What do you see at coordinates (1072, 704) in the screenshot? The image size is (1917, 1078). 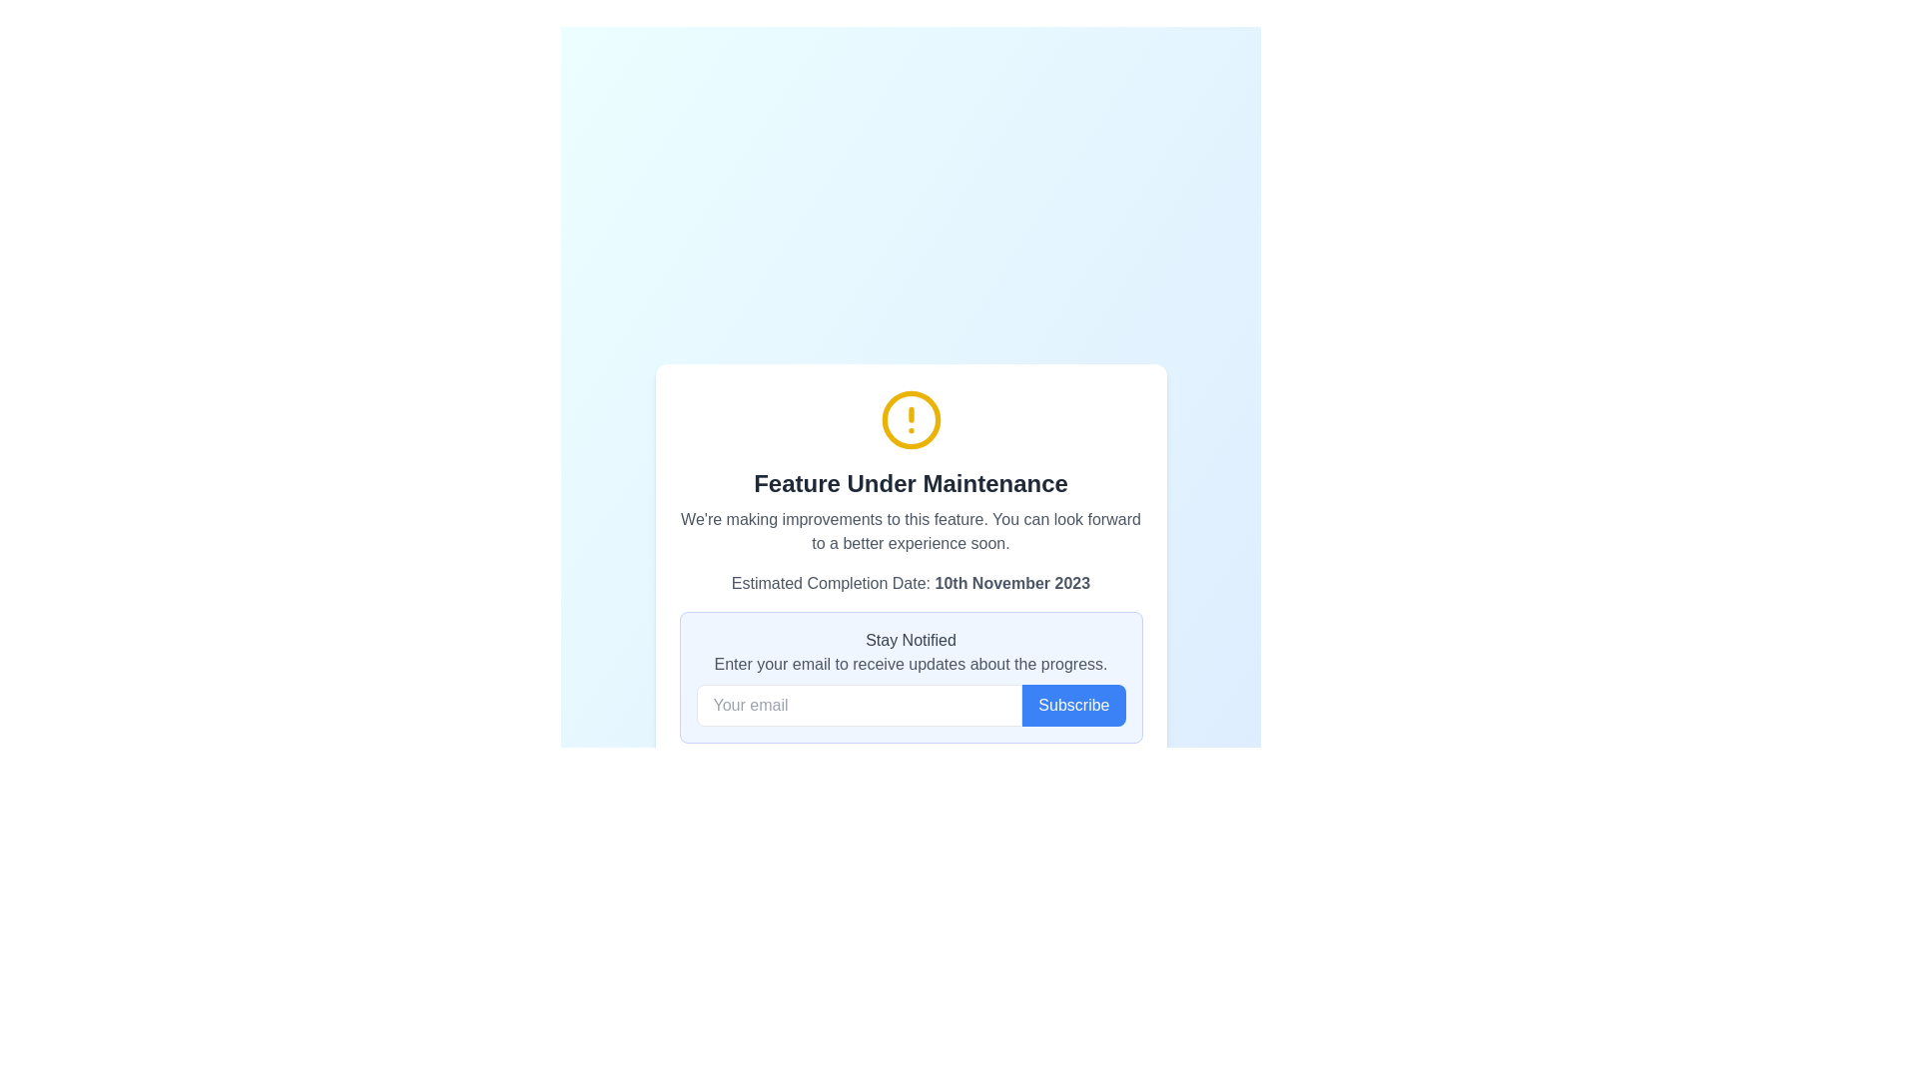 I see `the 'Subscribe' button, which is a rectangular button with a blue background and white text, located in the bottom-right section of the modal dialog` at bounding box center [1072, 704].